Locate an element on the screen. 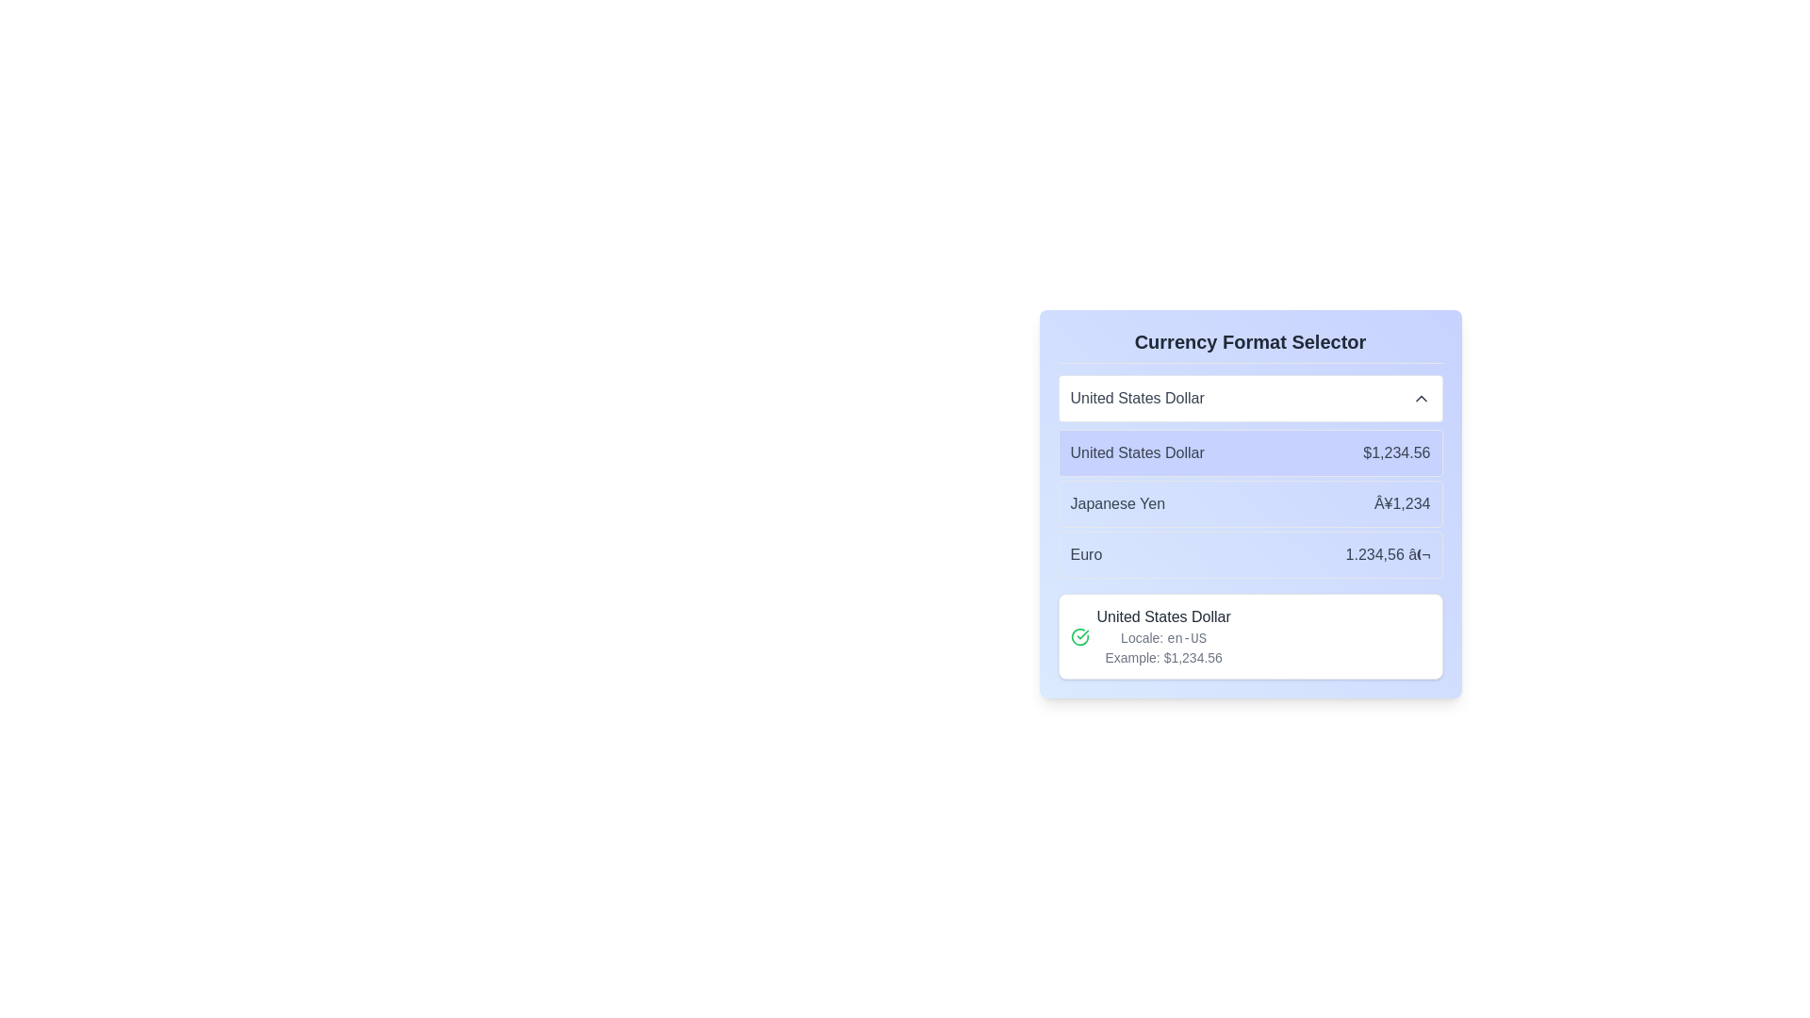 This screenshot has width=1810, height=1018. the third selectable option for the Euro currency format in the vertically stacked list, located between the 'Japanese Yen' option and the details section is located at coordinates (1250, 554).